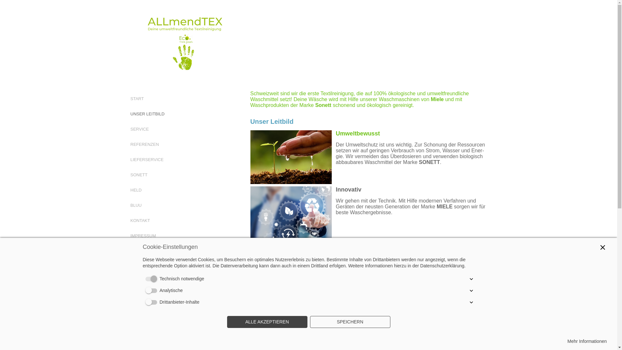  I want to click on 'SERVICE', so click(139, 129).